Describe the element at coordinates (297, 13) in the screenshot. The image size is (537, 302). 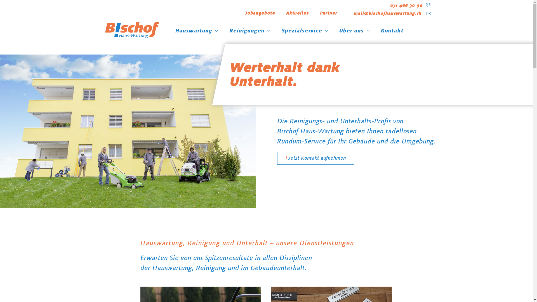
I see `'Aktuelles'` at that location.